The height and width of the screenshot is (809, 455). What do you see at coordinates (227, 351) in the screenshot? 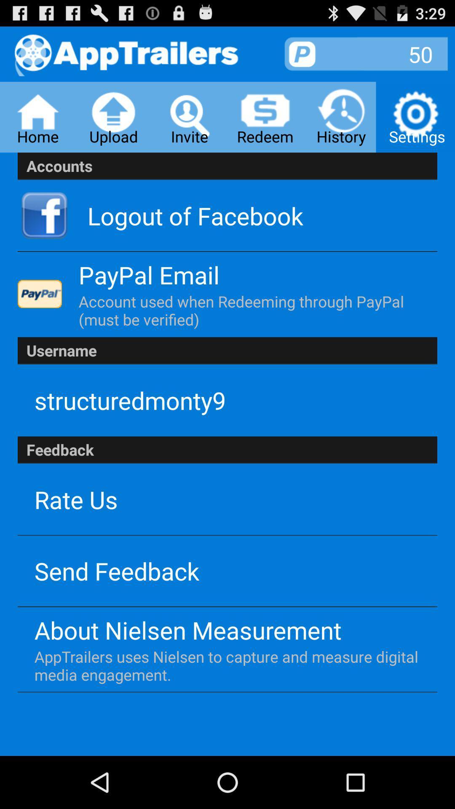
I see `username app` at bounding box center [227, 351].